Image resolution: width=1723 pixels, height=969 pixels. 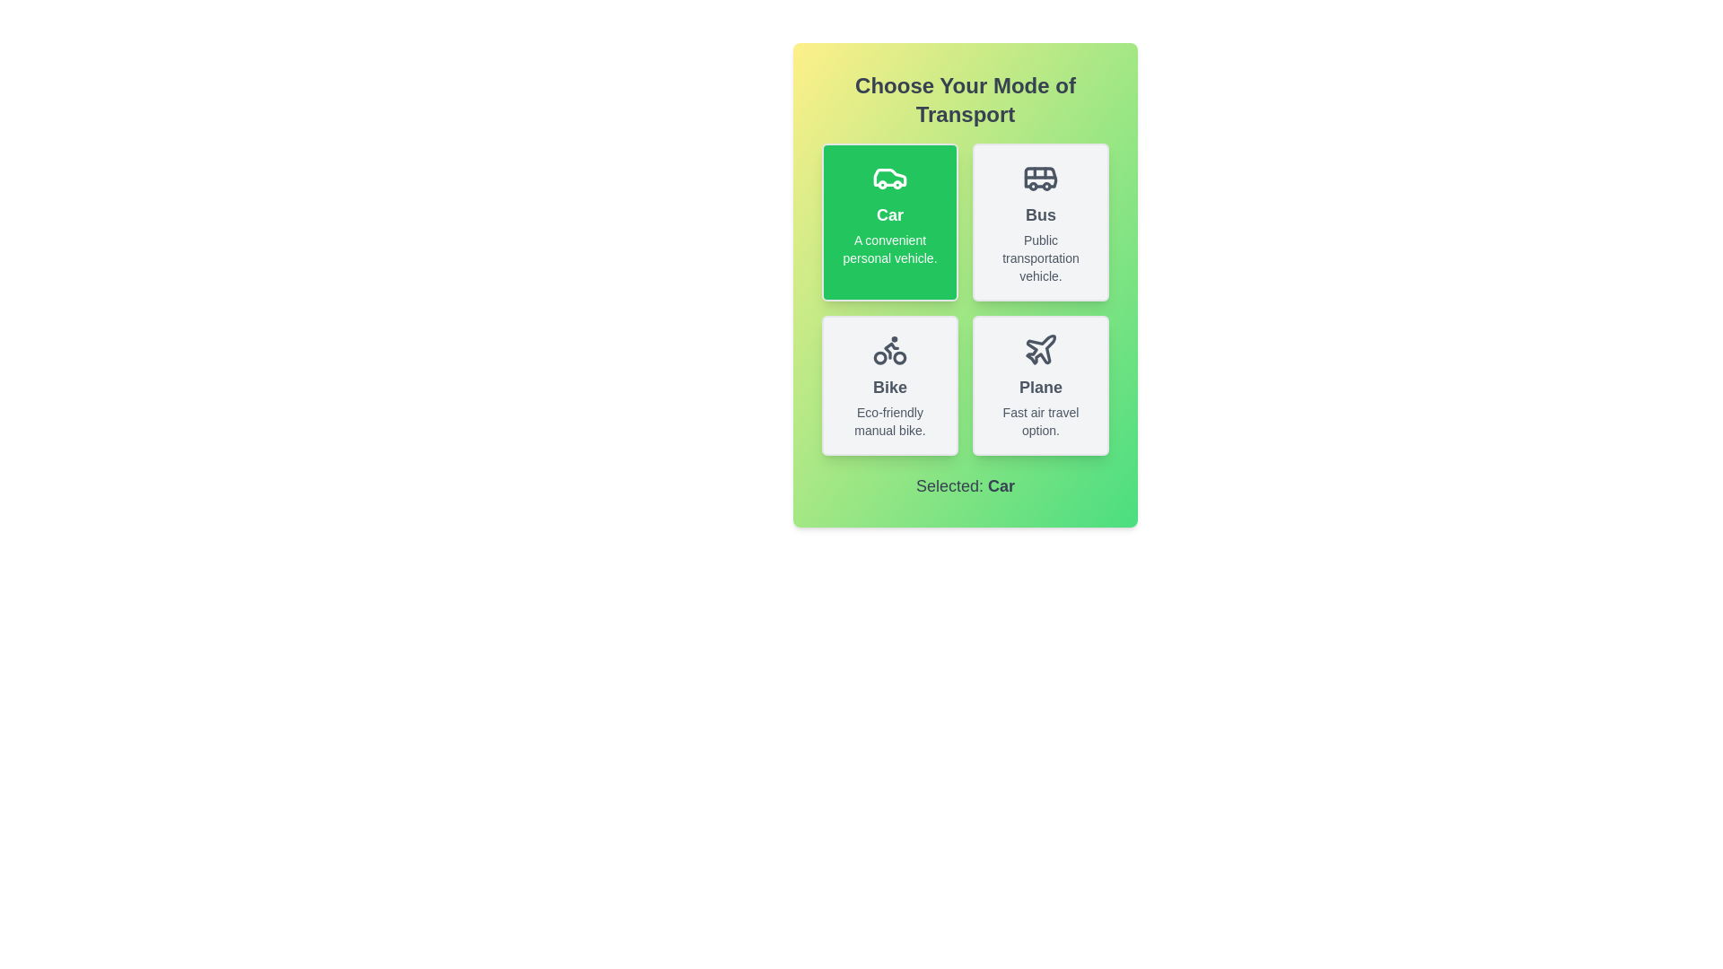 What do you see at coordinates (890, 221) in the screenshot?
I see `the transport mode Car by clicking the corresponding button` at bounding box center [890, 221].